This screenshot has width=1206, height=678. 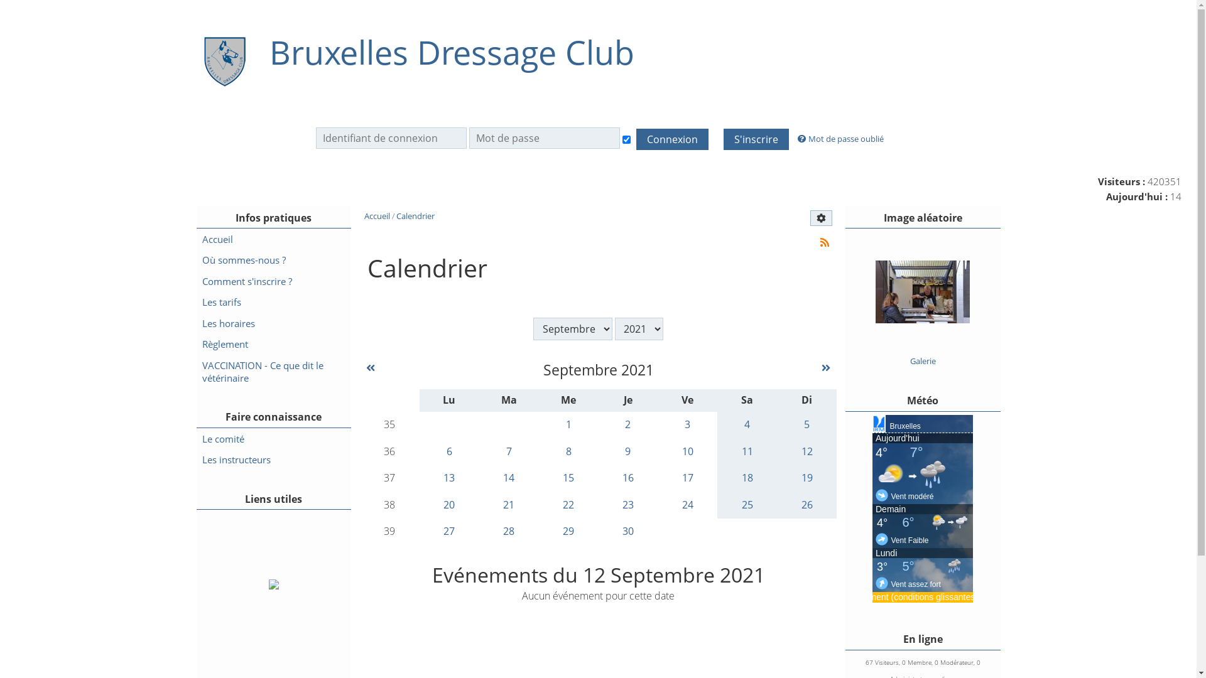 What do you see at coordinates (545, 137) in the screenshot?
I see `'Mot de passe'` at bounding box center [545, 137].